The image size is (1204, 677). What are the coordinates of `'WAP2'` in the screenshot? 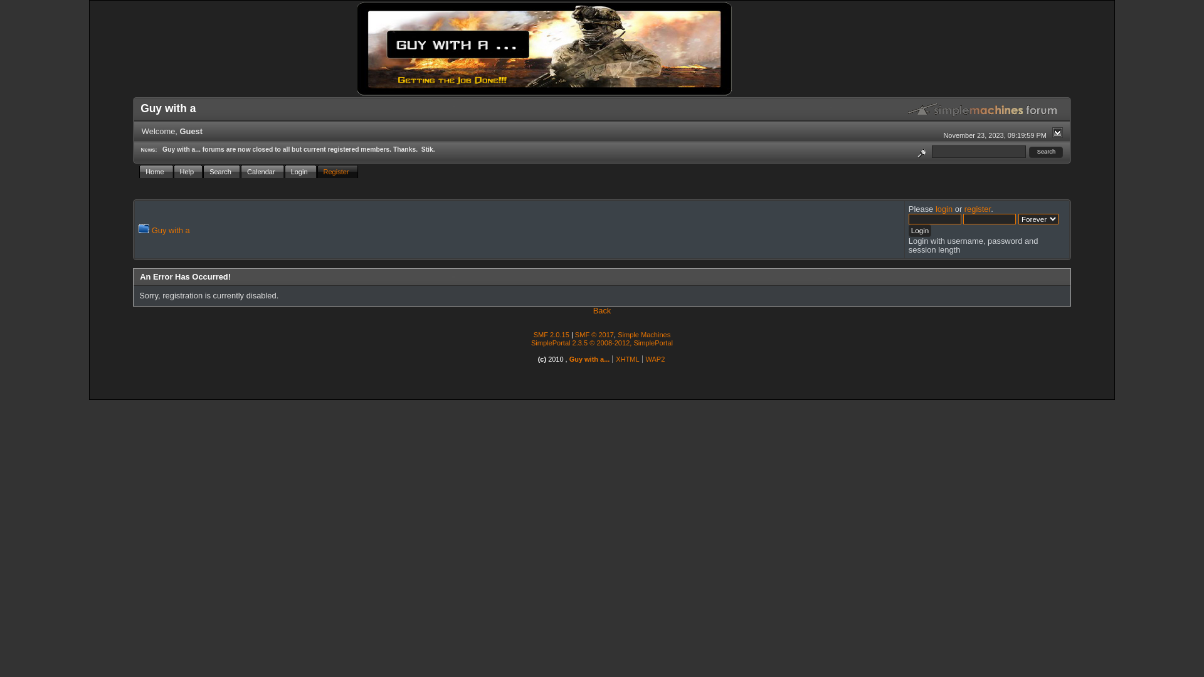 It's located at (655, 359).